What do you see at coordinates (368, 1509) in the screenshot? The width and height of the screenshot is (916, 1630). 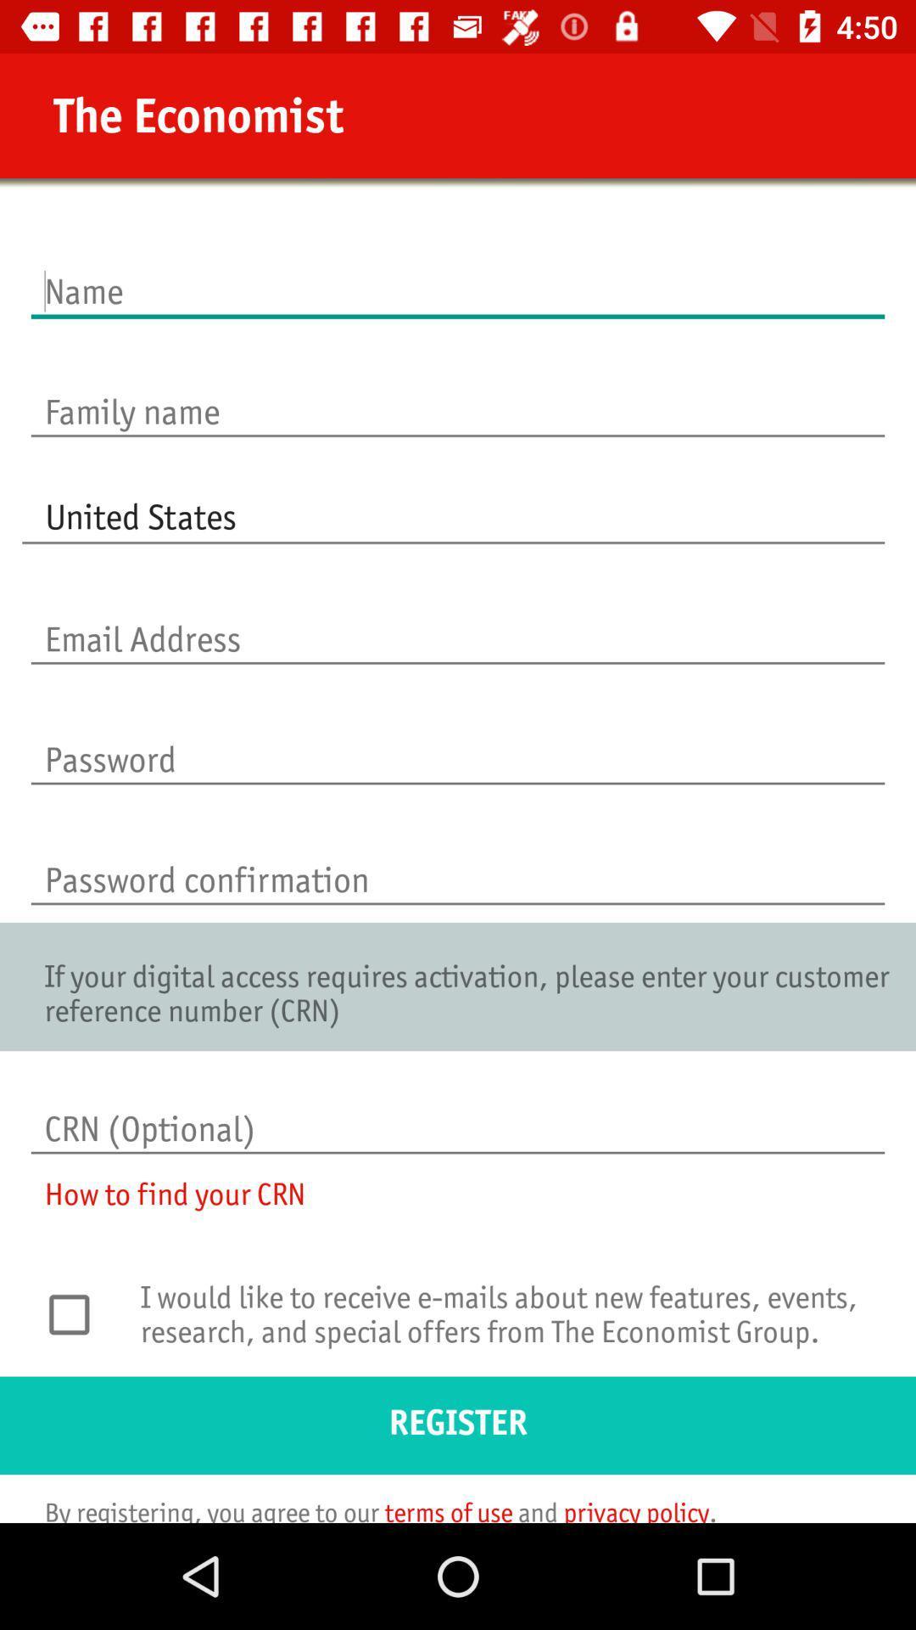 I see `the icon below register icon` at bounding box center [368, 1509].